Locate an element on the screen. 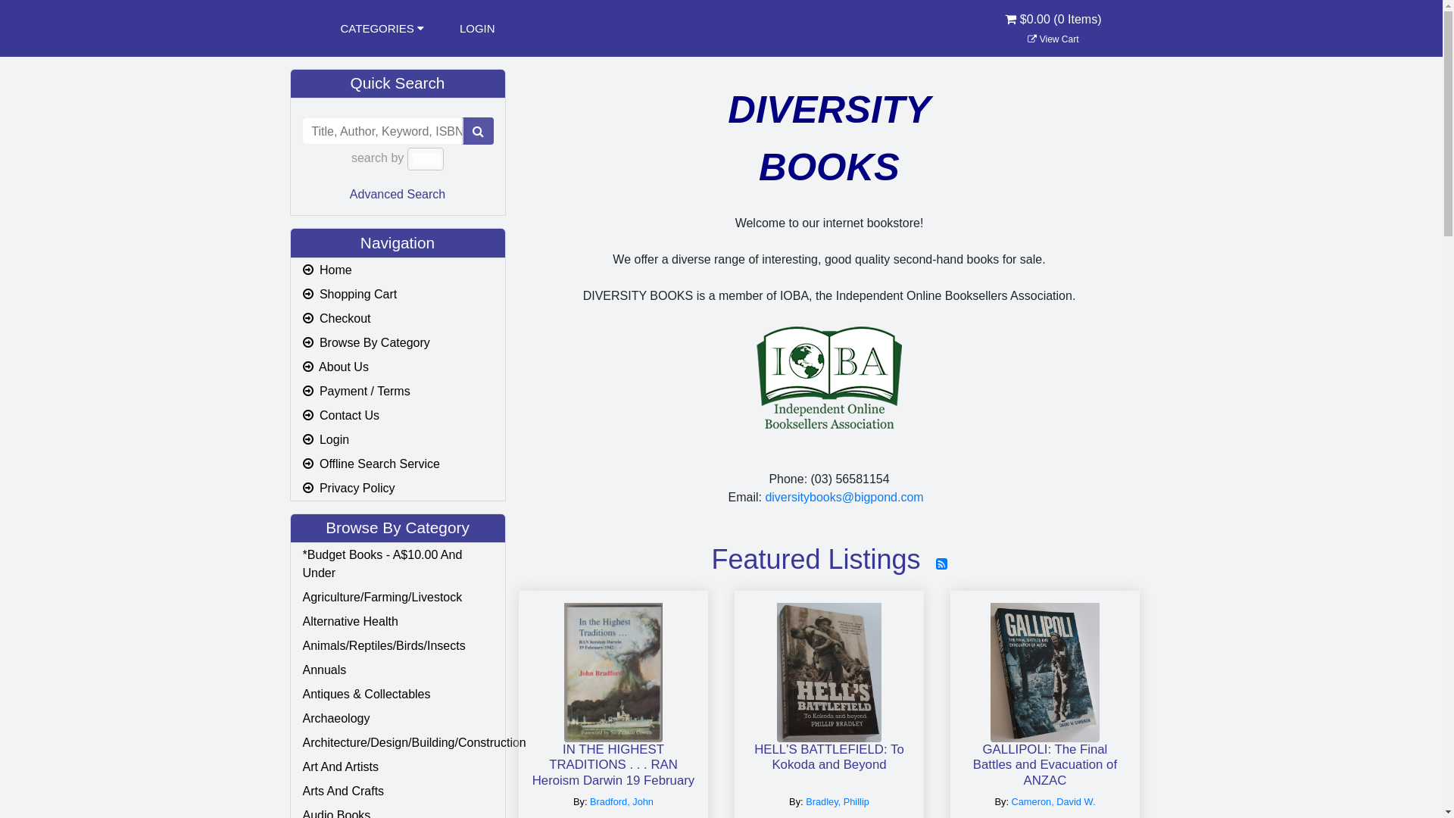 The height and width of the screenshot is (818, 1454). 'Architecture/Design/Building/Construction' is located at coordinates (398, 742).